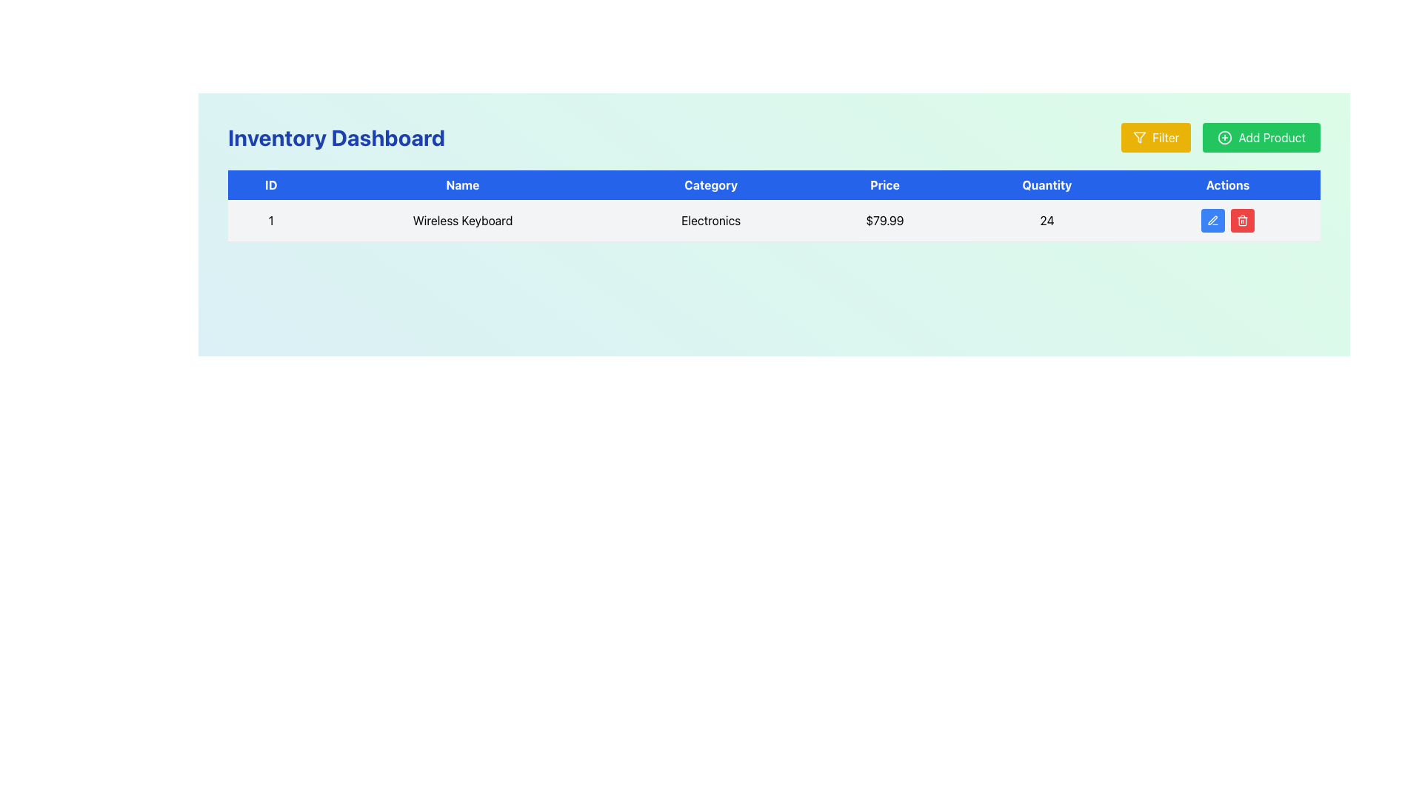  What do you see at coordinates (271, 221) in the screenshot?
I see `the static text label displaying the number '1' in the ID column of the table, located in the first cell below the header row labeled 'ID'` at bounding box center [271, 221].